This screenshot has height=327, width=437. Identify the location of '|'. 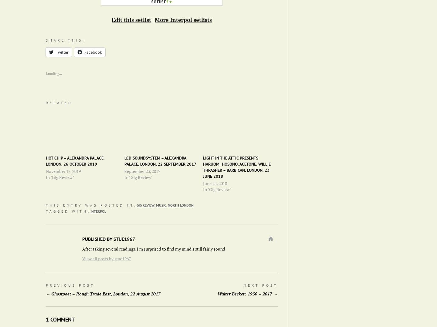
(152, 20).